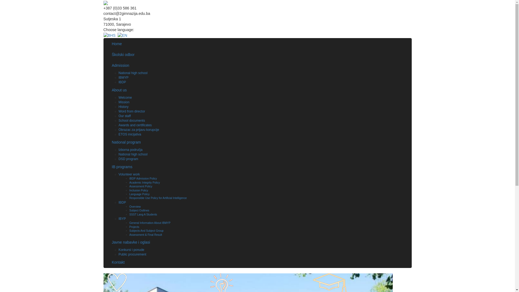  I want to click on 'History', so click(123, 107).